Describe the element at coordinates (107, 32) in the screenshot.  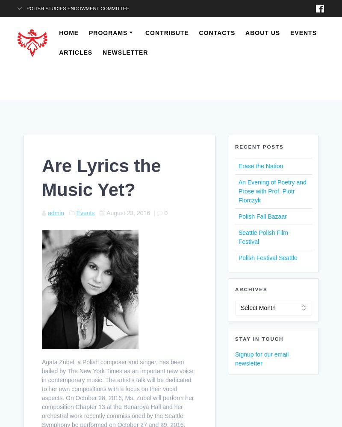
I see `'Programs'` at that location.